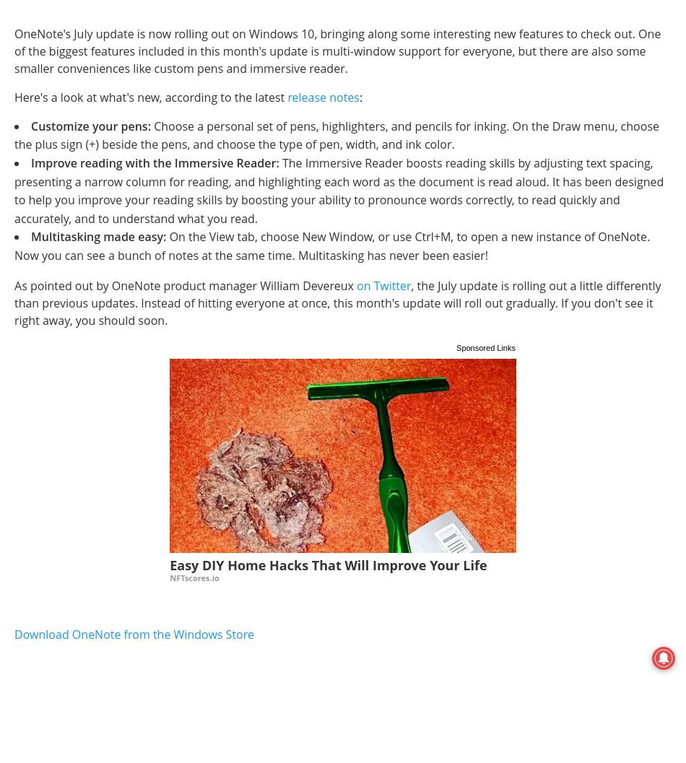 The width and height of the screenshot is (686, 763). What do you see at coordinates (31, 162) in the screenshot?
I see `'Improve reading with the Immersive Reader:'` at bounding box center [31, 162].